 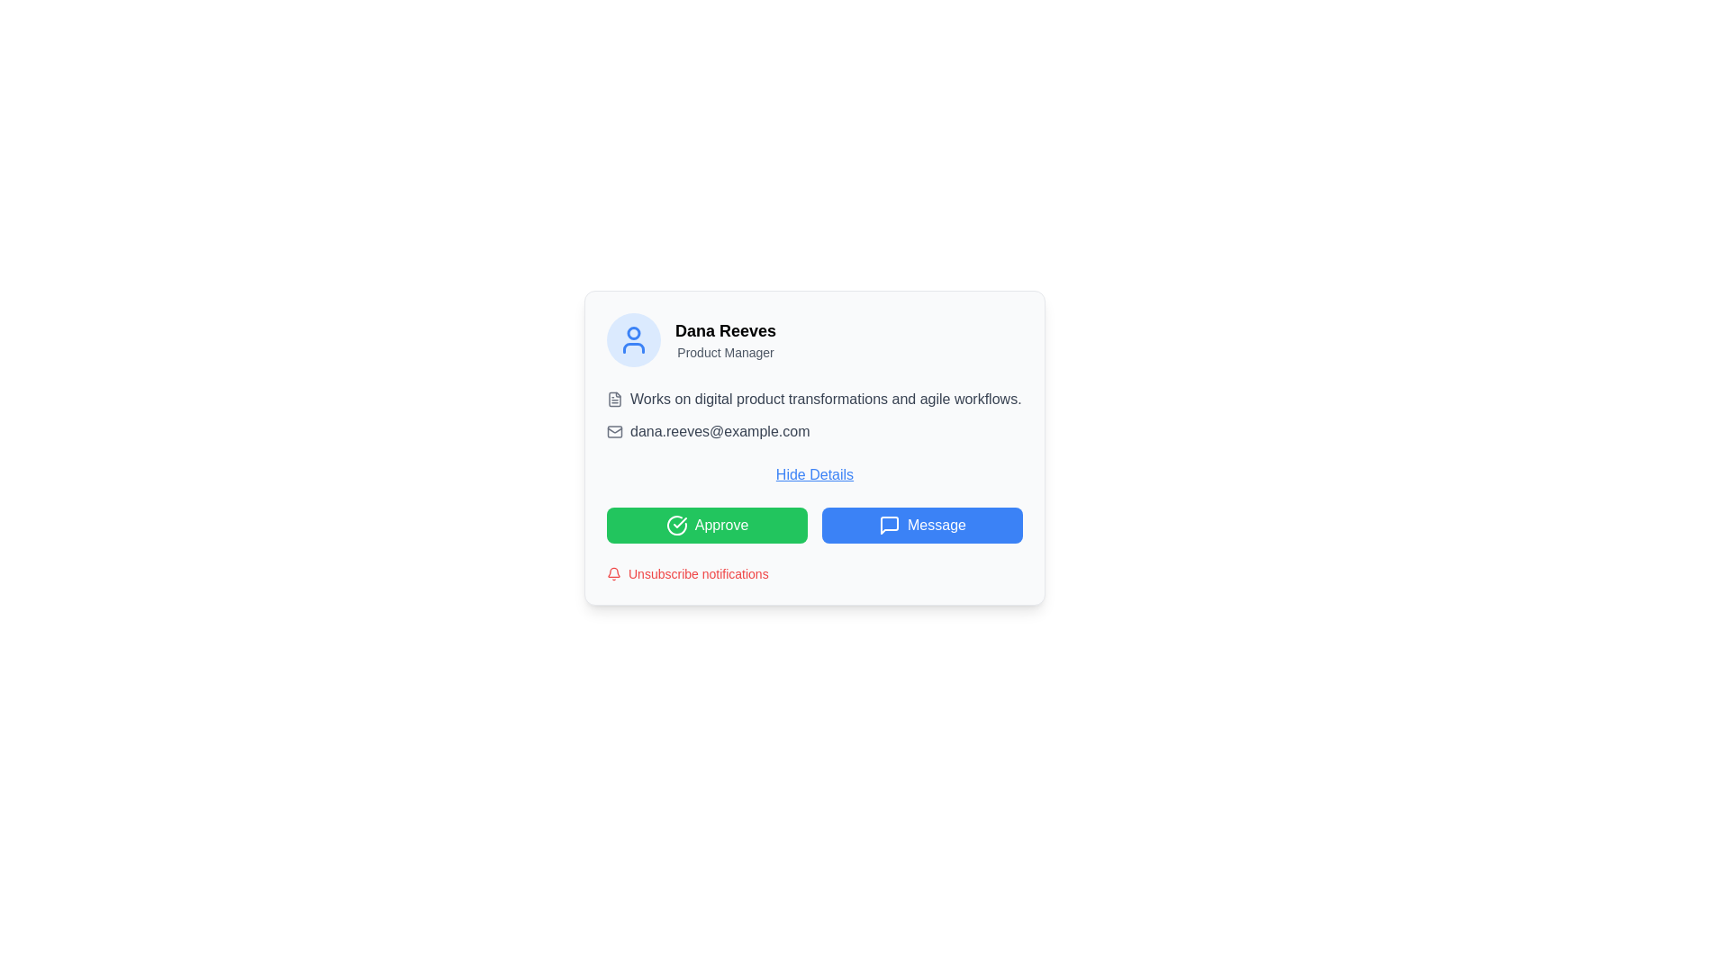 What do you see at coordinates (686, 573) in the screenshot?
I see `the 'Unsubscribe notifications' link with a bell-shaped icon located beneath the 'Approve' and 'Message' buttons in Dana Reeves' profile card` at bounding box center [686, 573].